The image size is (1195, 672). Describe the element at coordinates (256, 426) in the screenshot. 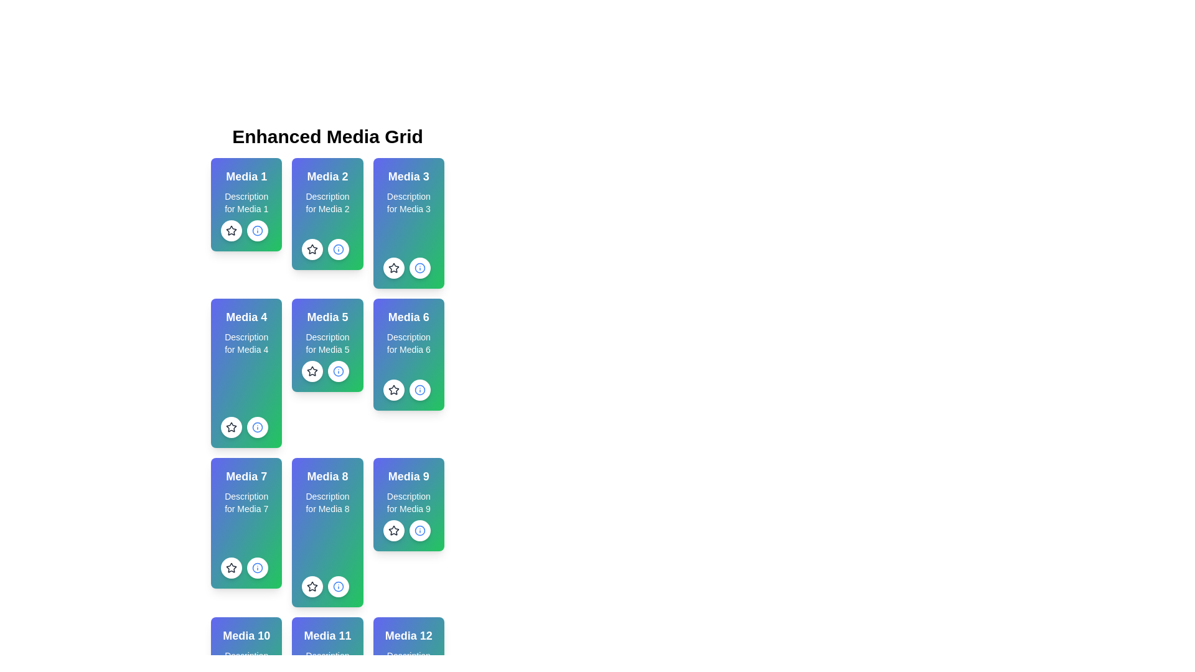

I see `the blue circular information icon with a white outlined 'i' located in the right-bottom section of the Media 6 card` at that location.